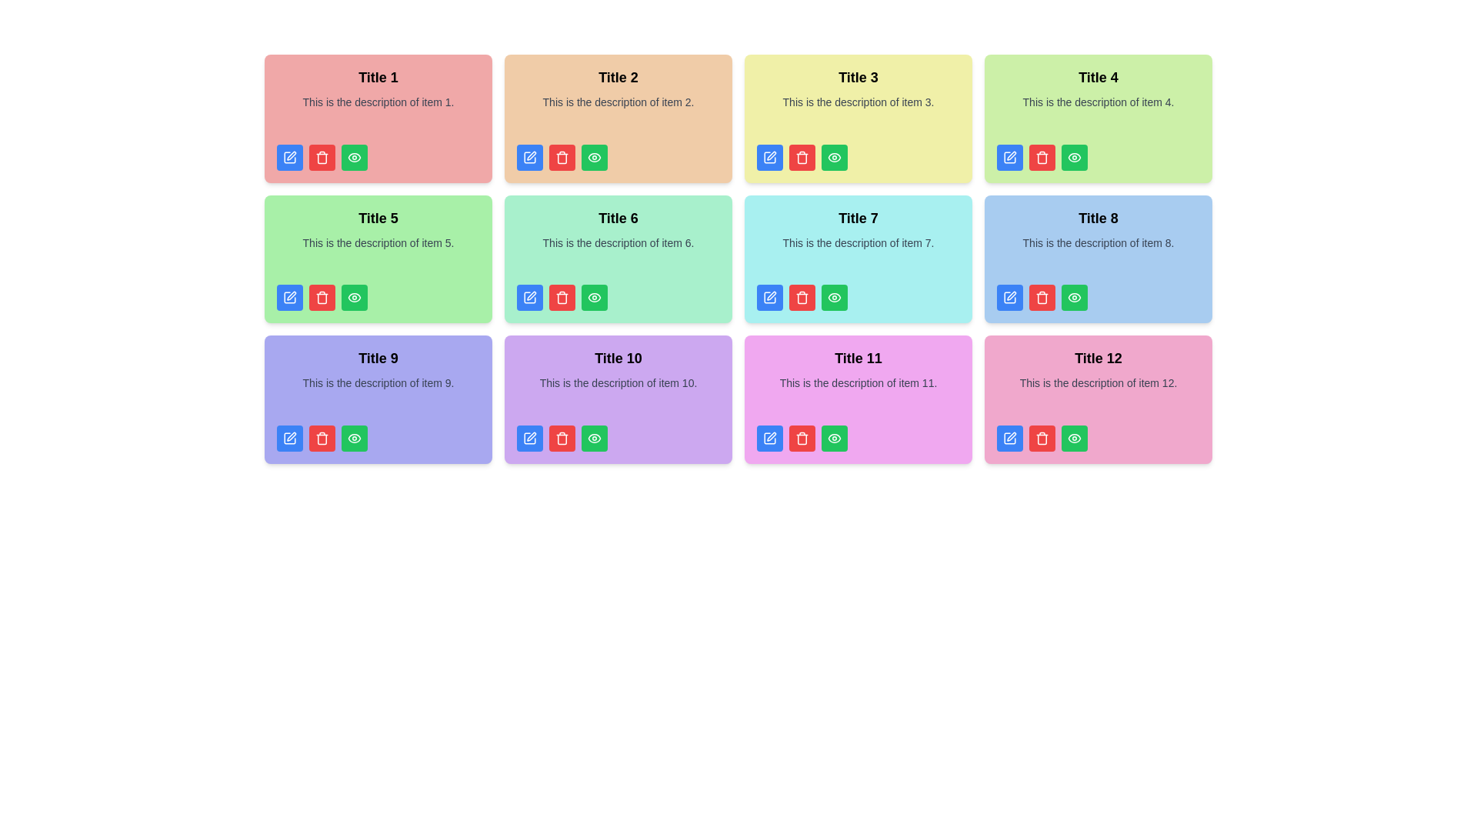  Describe the element at coordinates (833, 157) in the screenshot. I see `the green circular button with a white eye icon, which is the third button in a group below 'Title 3'` at that location.